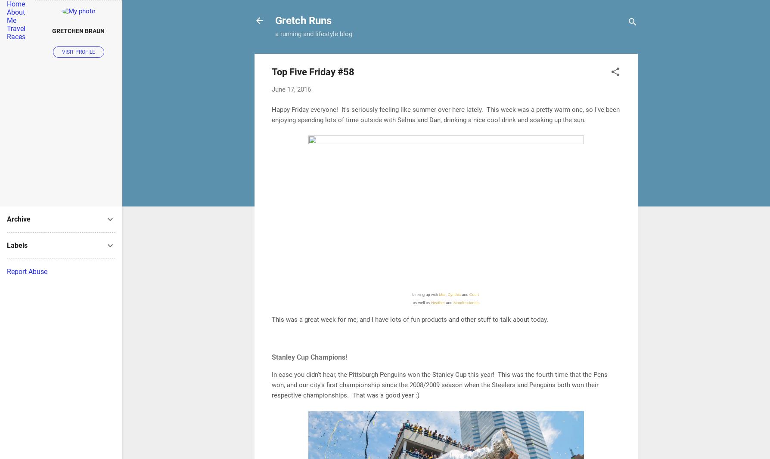 The height and width of the screenshot is (459, 770). Describe the element at coordinates (78, 30) in the screenshot. I see `'Gretchen Braun'` at that location.